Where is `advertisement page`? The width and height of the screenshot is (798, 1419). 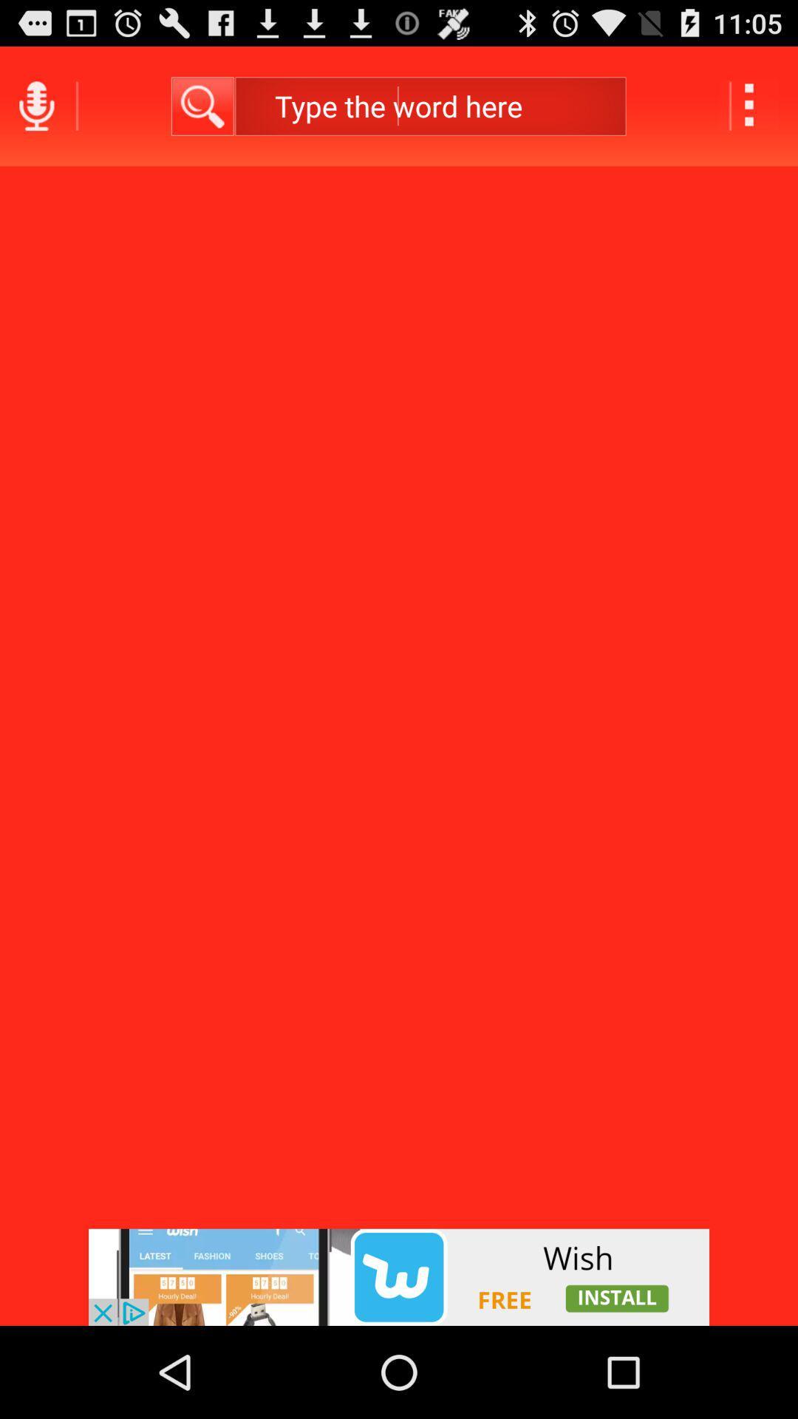
advertisement page is located at coordinates (399, 1276).